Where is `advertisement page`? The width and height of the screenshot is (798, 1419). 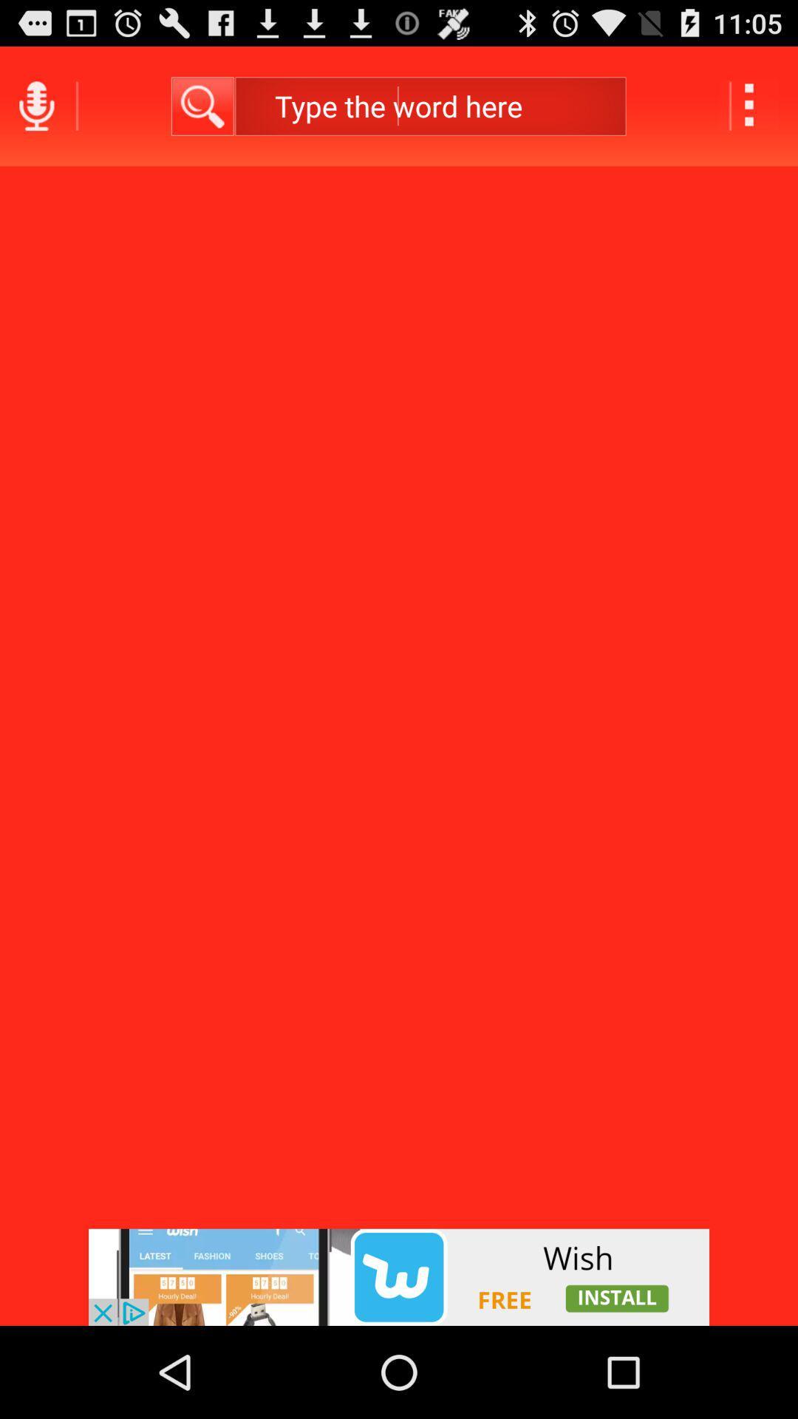
advertisement page is located at coordinates (399, 1276).